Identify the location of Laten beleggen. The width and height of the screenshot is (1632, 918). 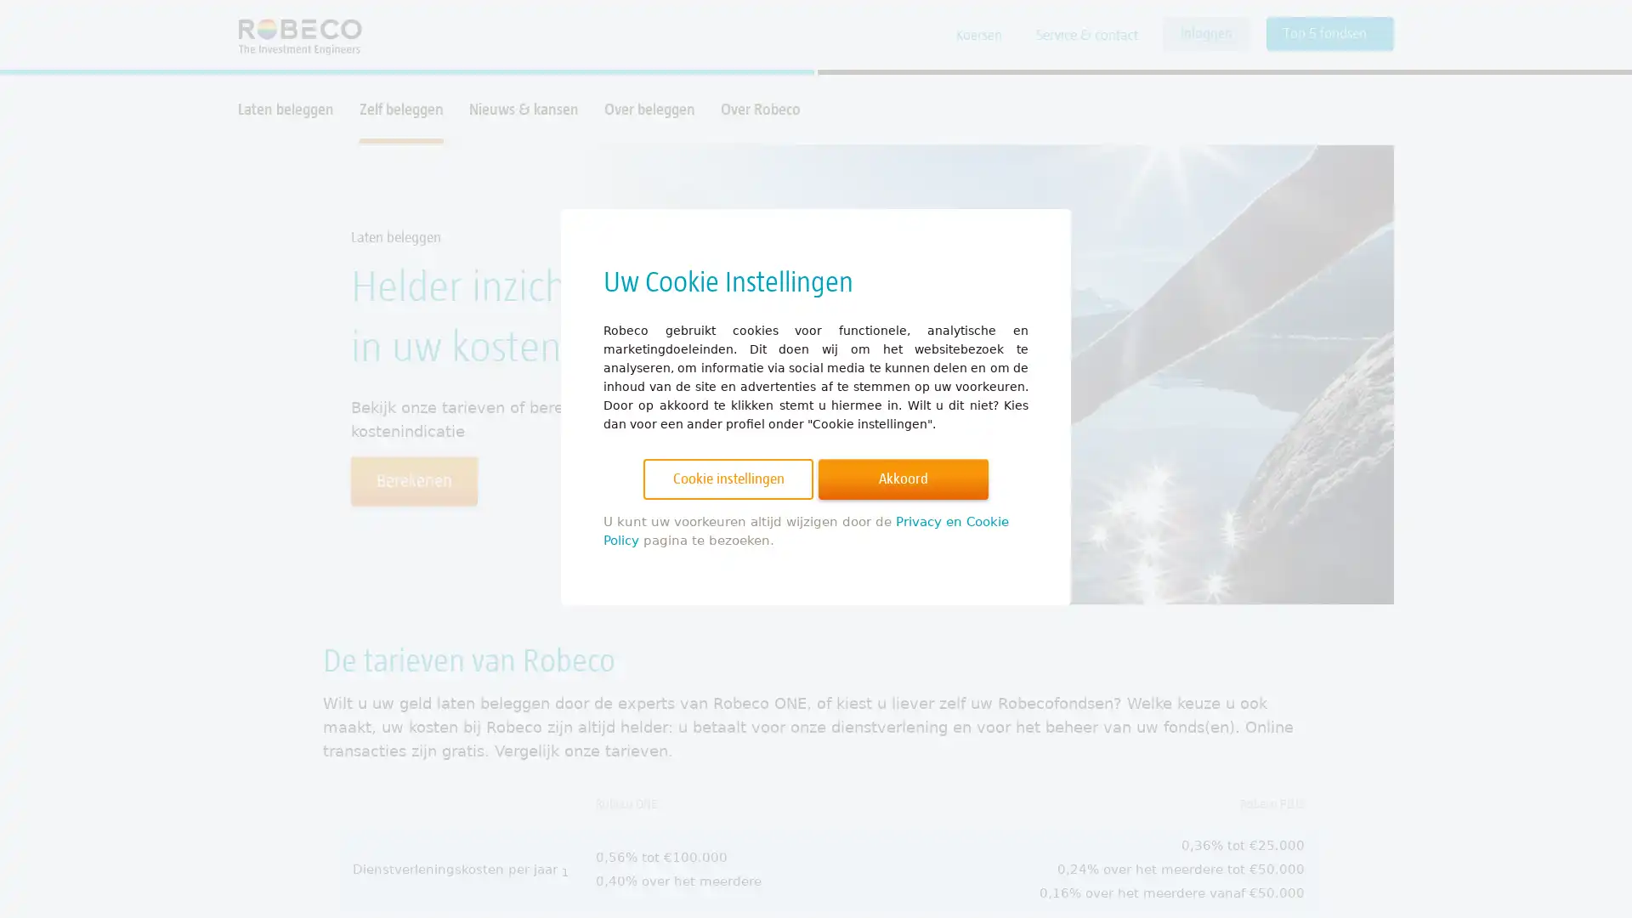
(286, 109).